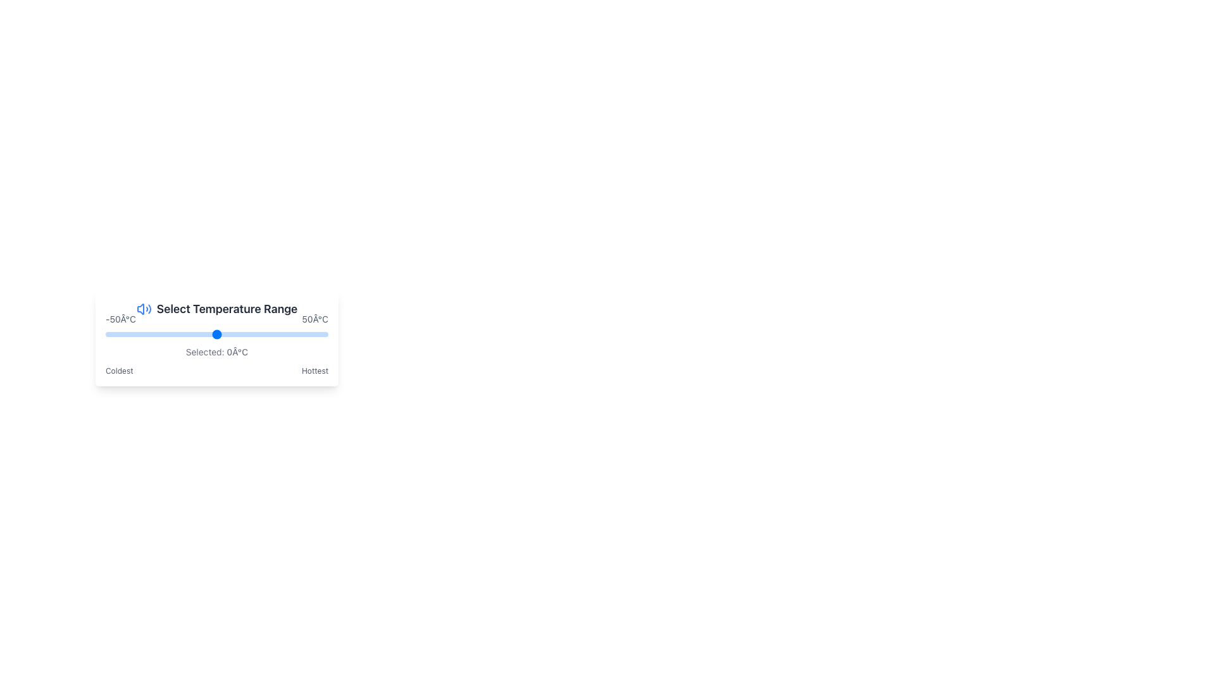 Image resolution: width=1215 pixels, height=683 pixels. I want to click on the text label displaying 'Select Temperature Range', which is styled with large, bold gray text and positioned between a blue sound icon and whitespace, so click(227, 309).